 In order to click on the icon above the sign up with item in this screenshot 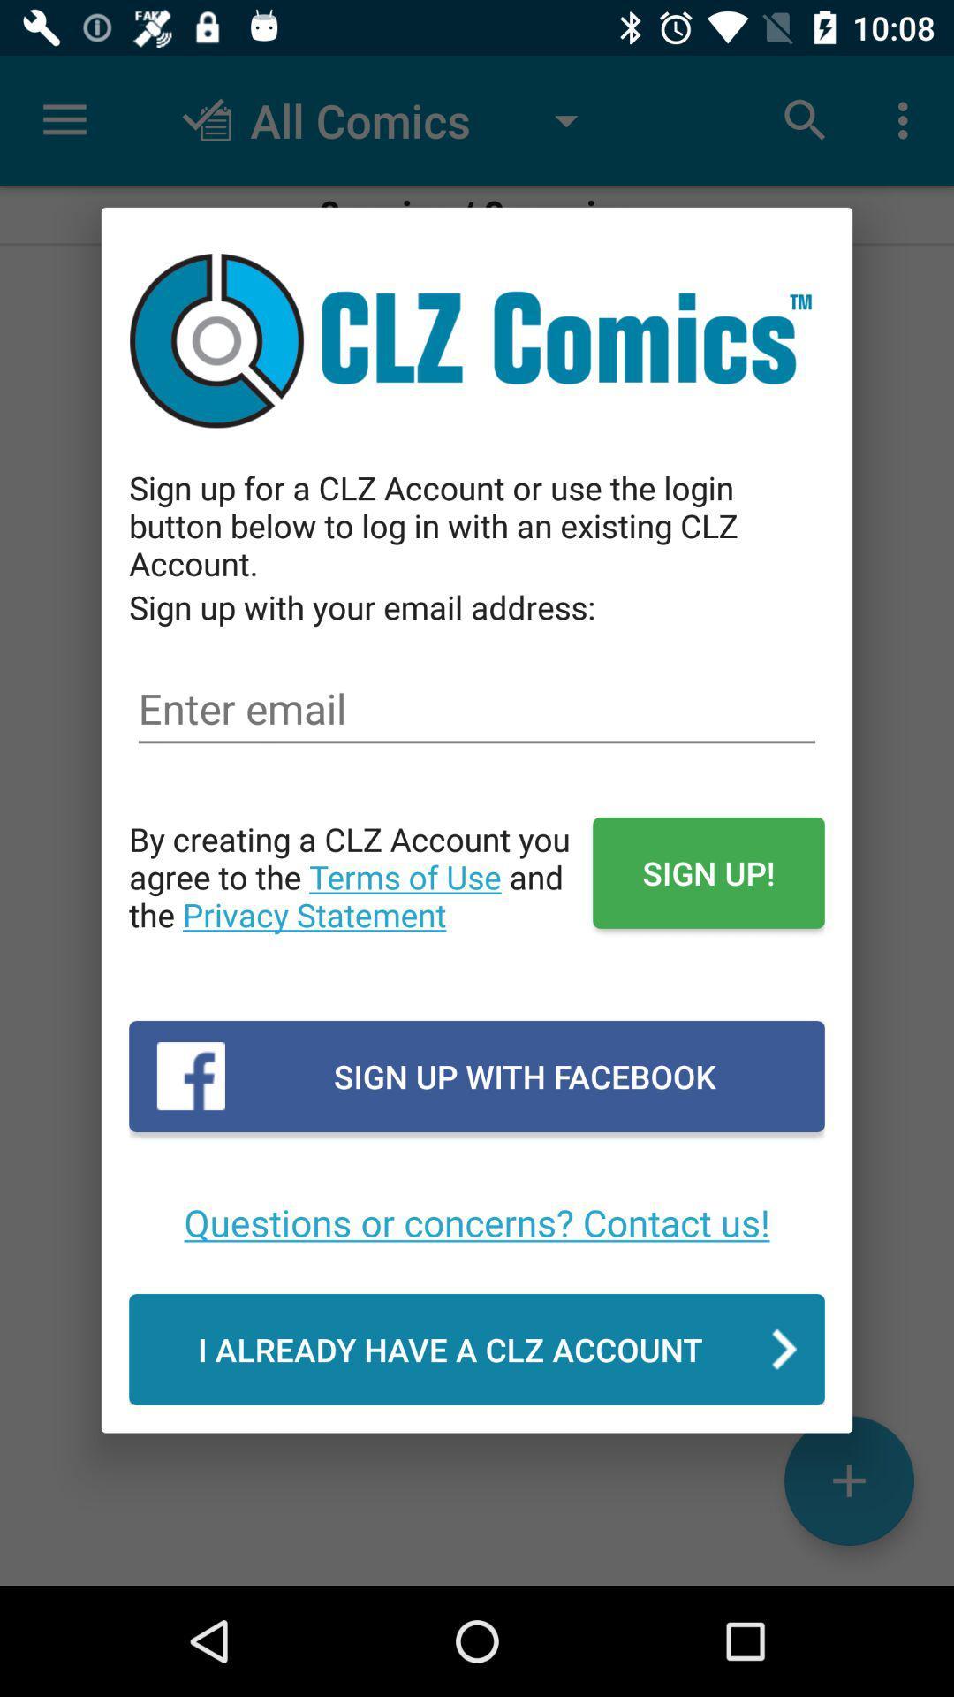, I will do `click(360, 895)`.